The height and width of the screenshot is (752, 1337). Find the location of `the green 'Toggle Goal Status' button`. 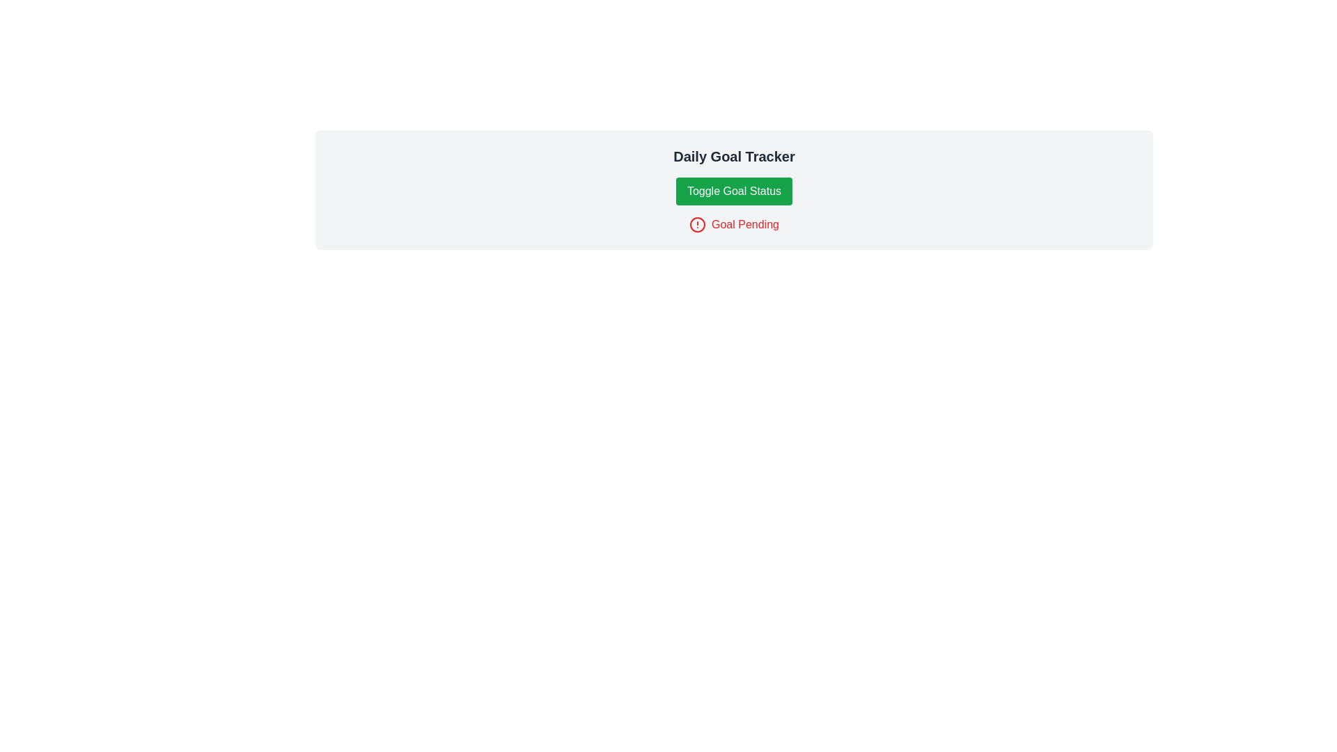

the green 'Toggle Goal Status' button is located at coordinates (733, 191).